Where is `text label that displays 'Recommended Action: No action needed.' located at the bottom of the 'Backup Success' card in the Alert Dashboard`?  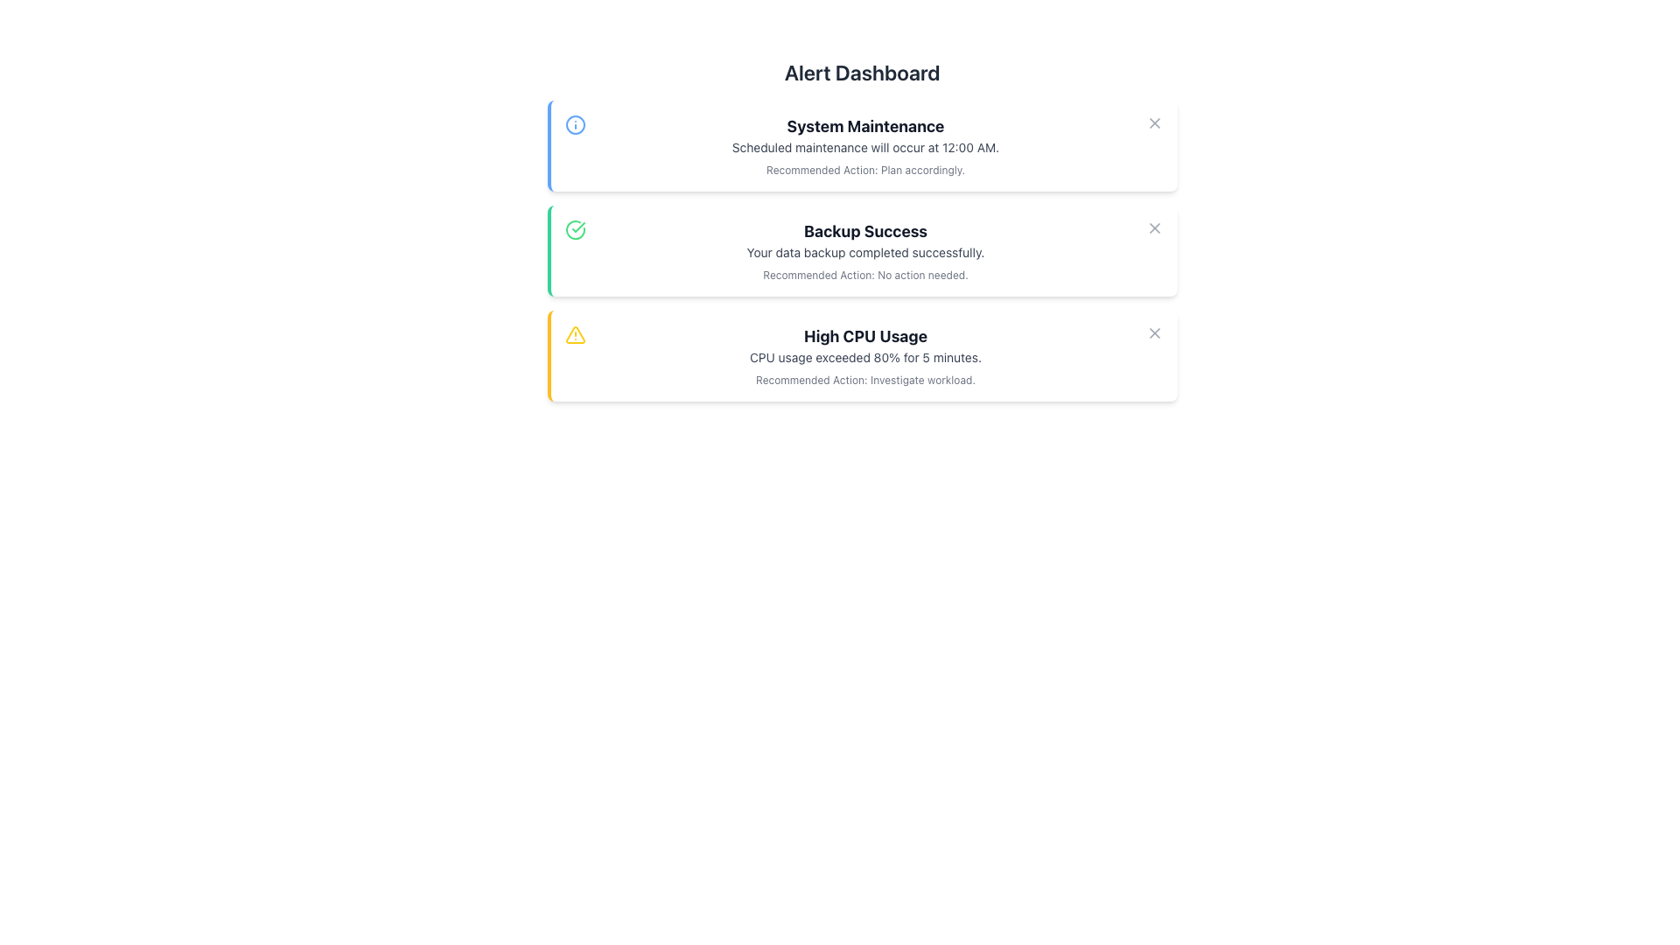 text label that displays 'Recommended Action: No action needed.' located at the bottom of the 'Backup Success' card in the Alert Dashboard is located at coordinates (865, 276).